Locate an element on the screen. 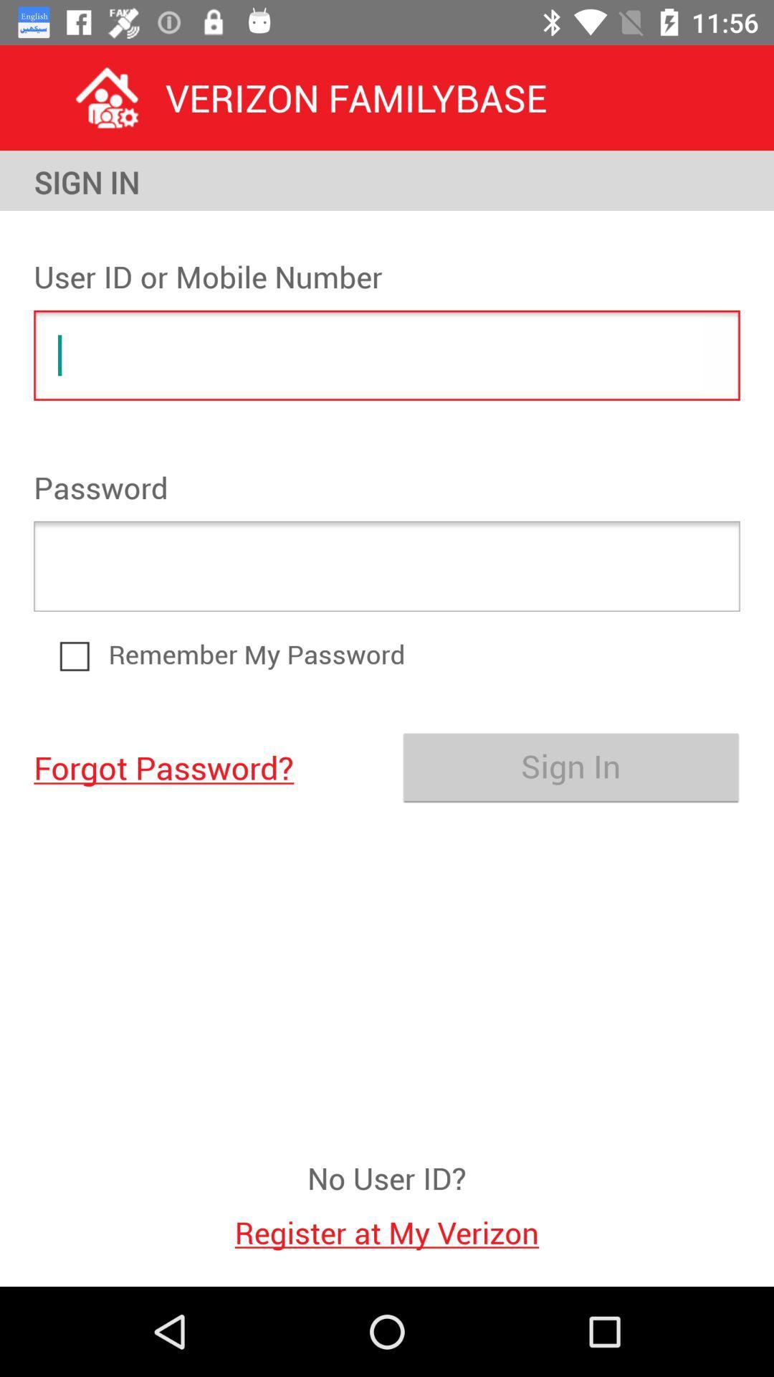  password is located at coordinates (387, 565).